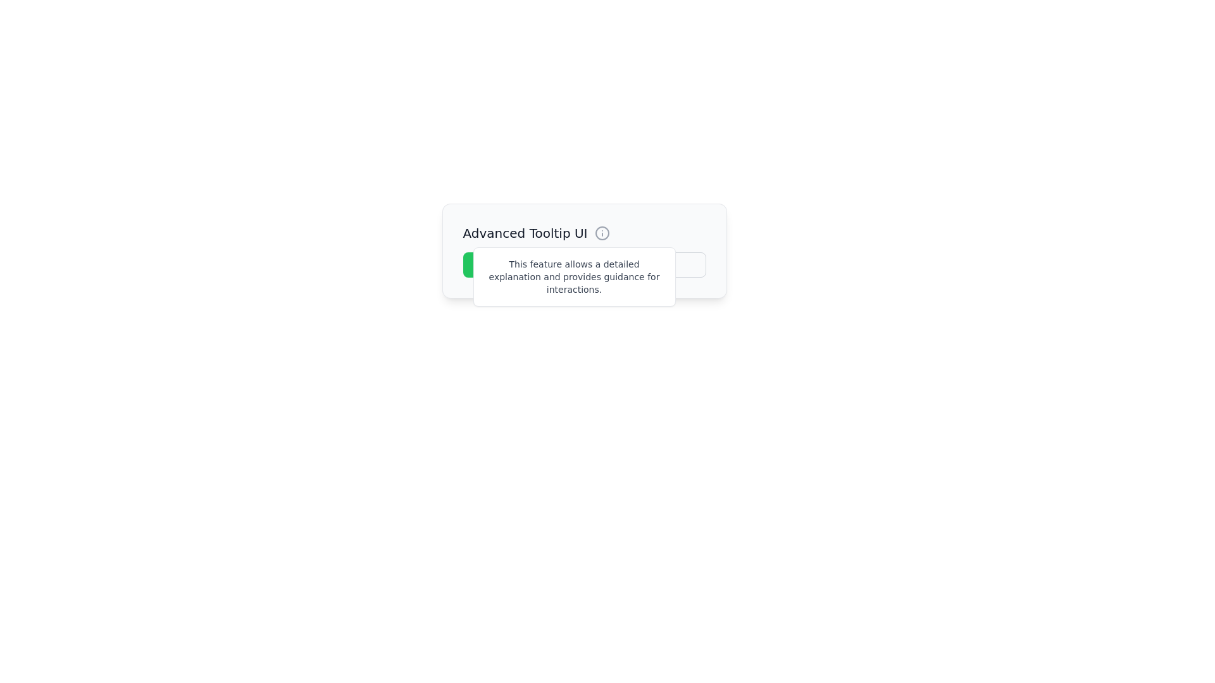 The height and width of the screenshot is (683, 1215). Describe the element at coordinates (583, 233) in the screenshot. I see `the 'Advanced Tooltip UI' title with the information icon, which is styled in bold and has a muted gray color, changing to blue on hover` at that location.